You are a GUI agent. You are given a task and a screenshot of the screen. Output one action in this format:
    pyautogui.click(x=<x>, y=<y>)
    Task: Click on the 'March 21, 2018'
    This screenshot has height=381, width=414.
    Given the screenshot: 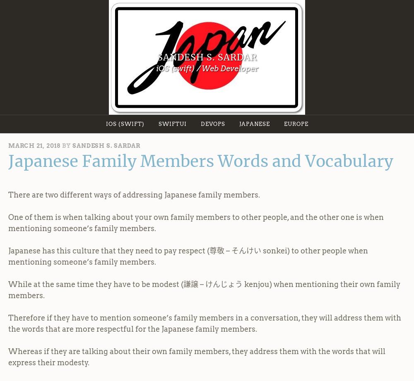 What is the action you would take?
    pyautogui.click(x=34, y=145)
    